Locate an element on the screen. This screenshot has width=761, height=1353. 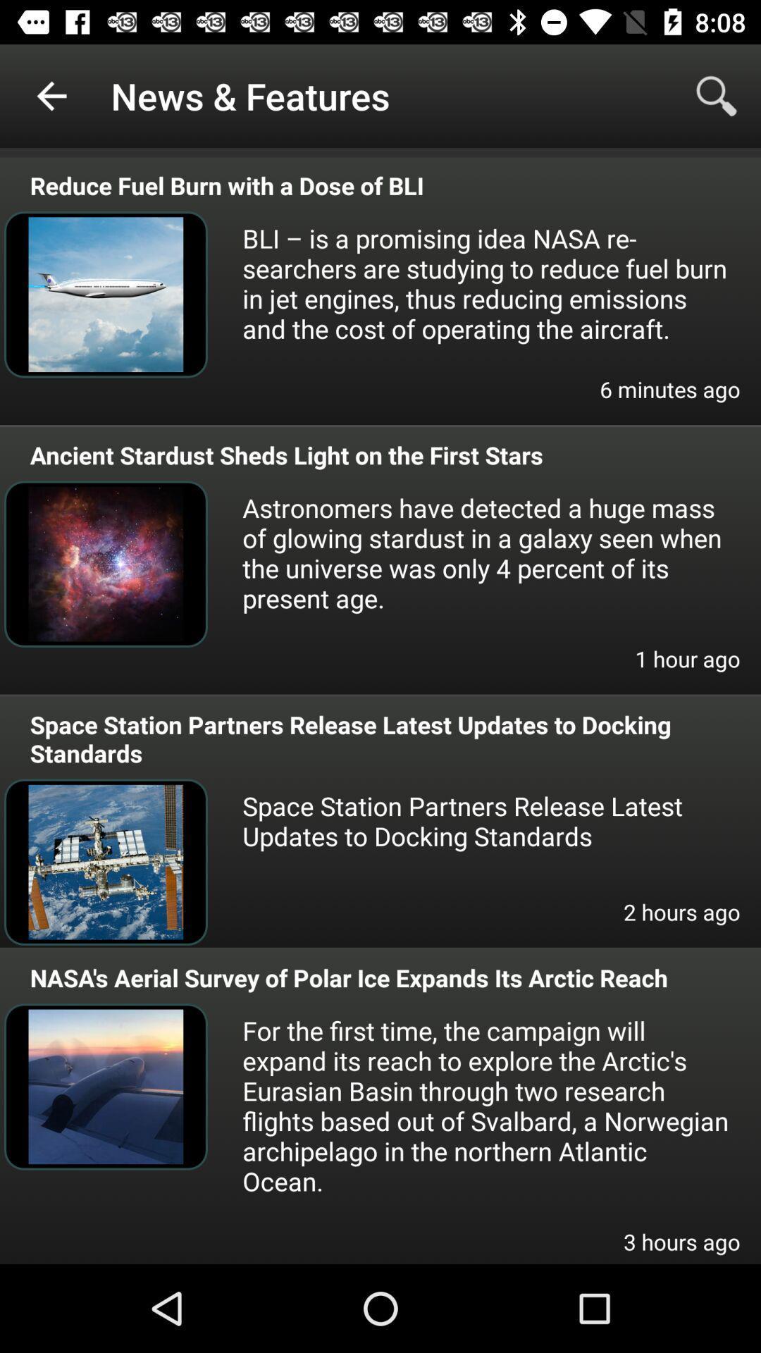
the item below astronomers have detected item is located at coordinates (687, 667).